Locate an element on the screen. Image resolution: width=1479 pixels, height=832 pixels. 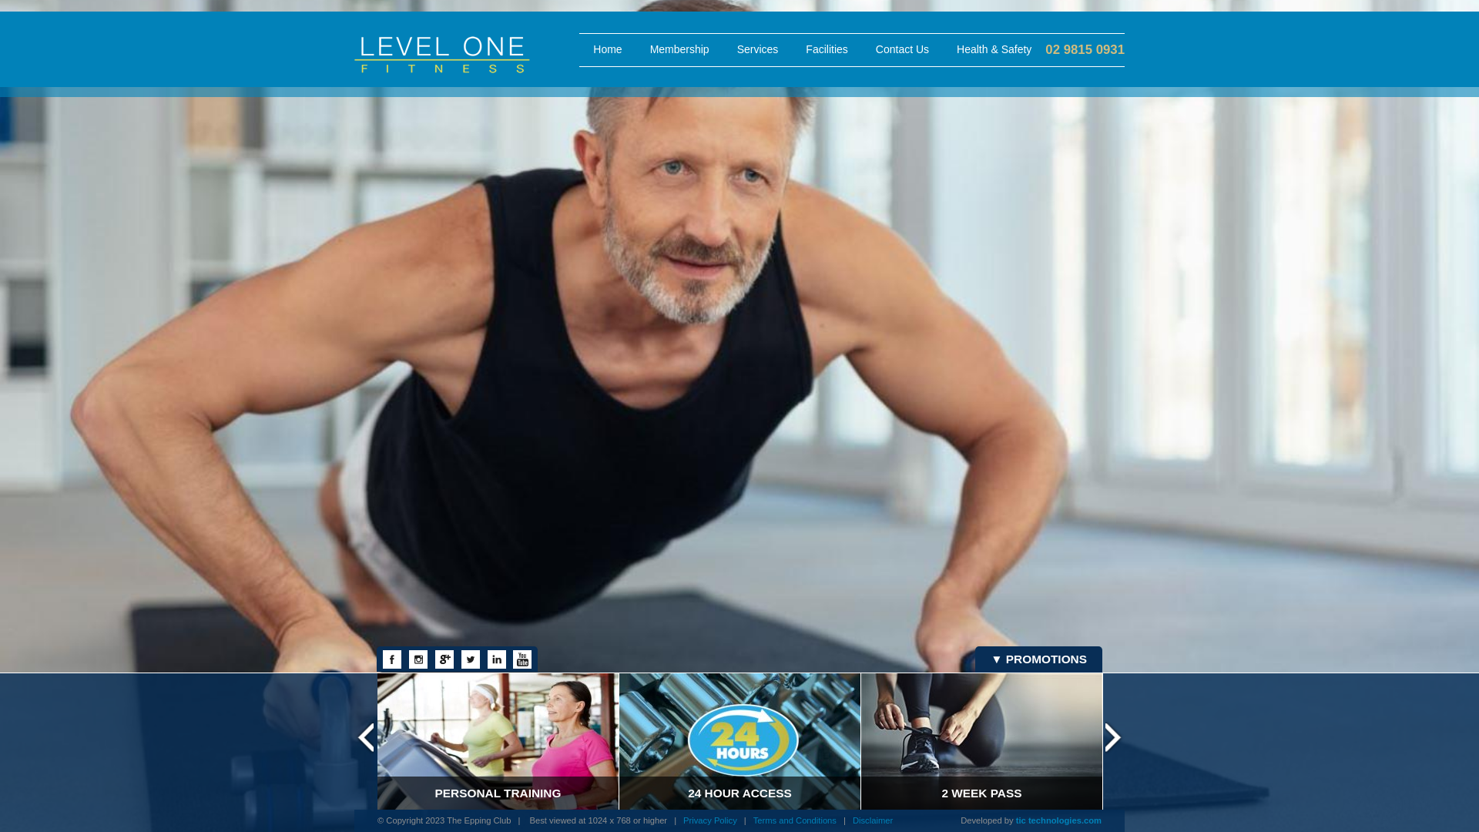
'Home' is located at coordinates (606, 49).